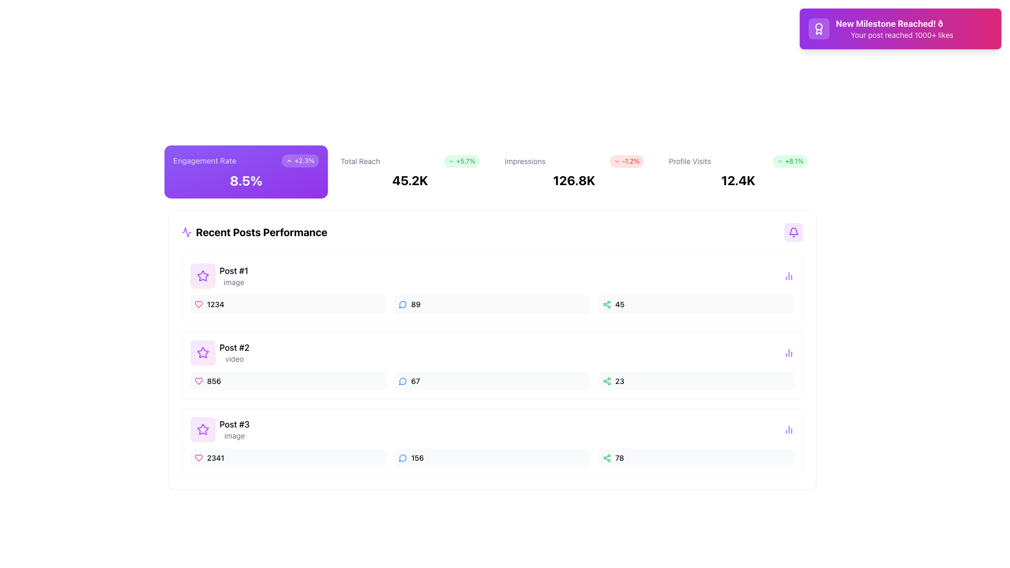 This screenshot has height=568, width=1010. I want to click on static text label displaying the number '156' located in the third row of the 'Recent Posts Performance' section, positioned to the right of a small, blue circular message icon, so click(417, 458).